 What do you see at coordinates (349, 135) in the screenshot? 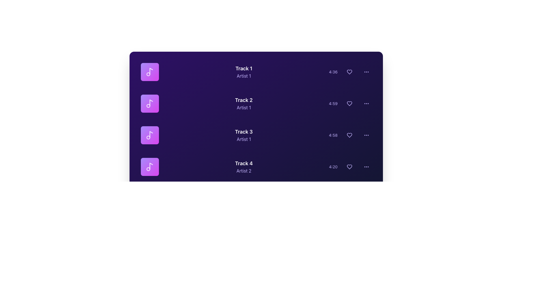
I see `the 'like' button for 'Track 3', located to the right of the '4:58' label` at bounding box center [349, 135].